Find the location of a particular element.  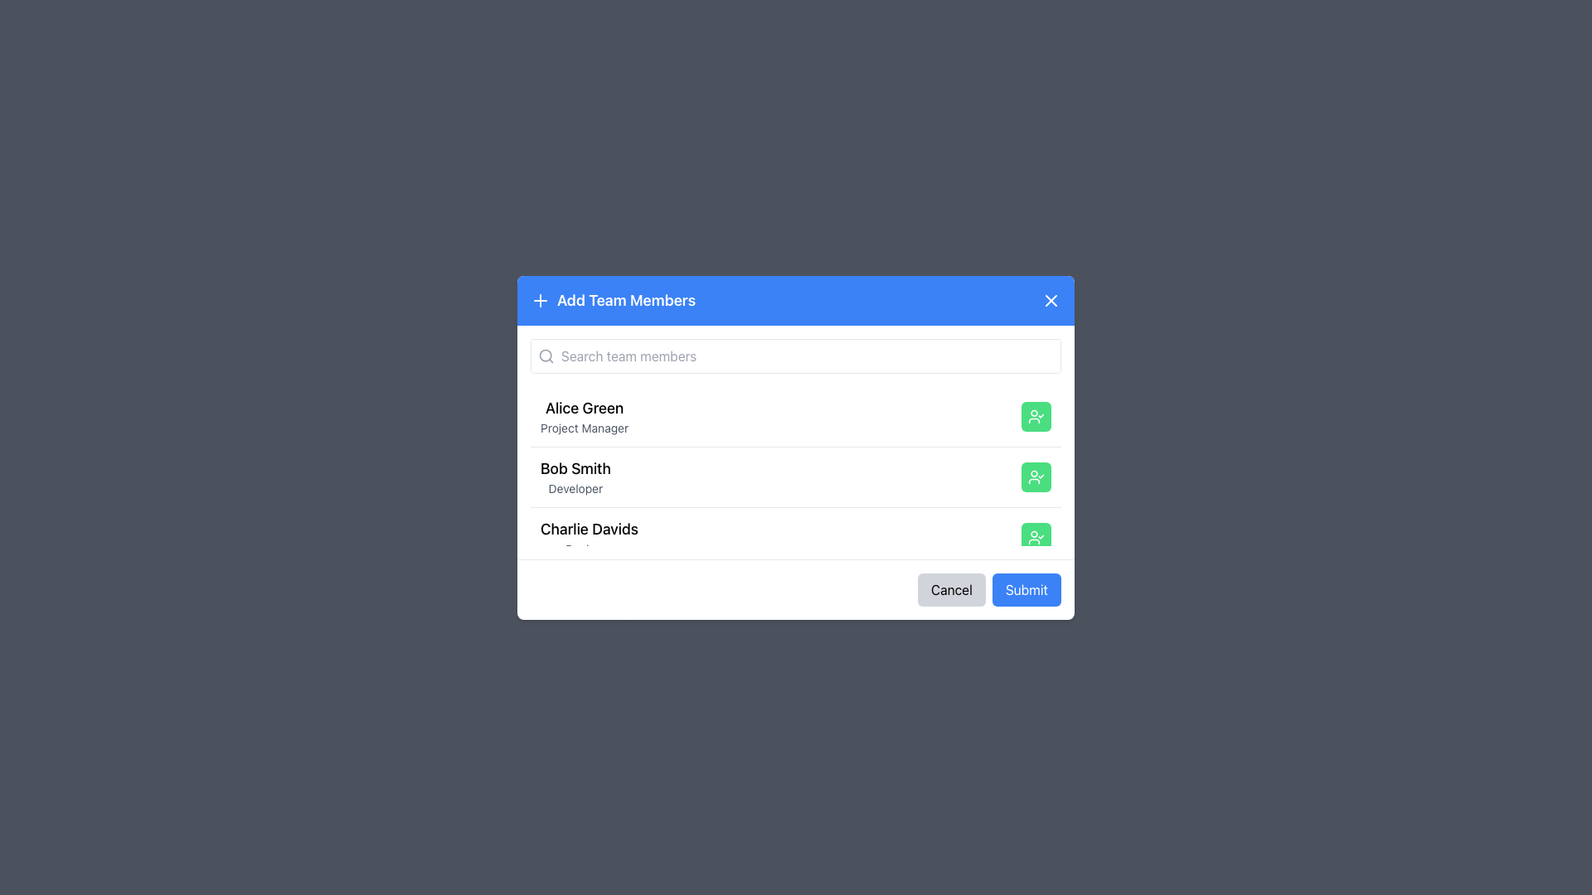

the icon button located in the second row of the 'Add Team Members' list is located at coordinates (1035, 476).